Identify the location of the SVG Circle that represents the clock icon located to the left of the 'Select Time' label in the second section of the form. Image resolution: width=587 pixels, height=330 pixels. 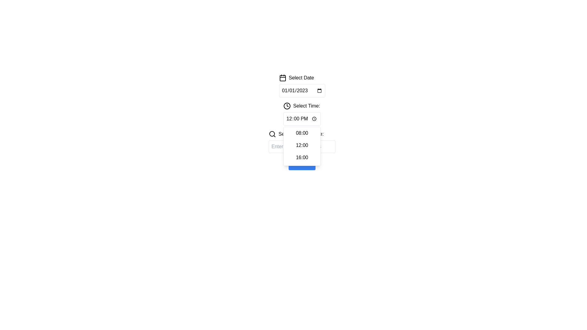
(287, 106).